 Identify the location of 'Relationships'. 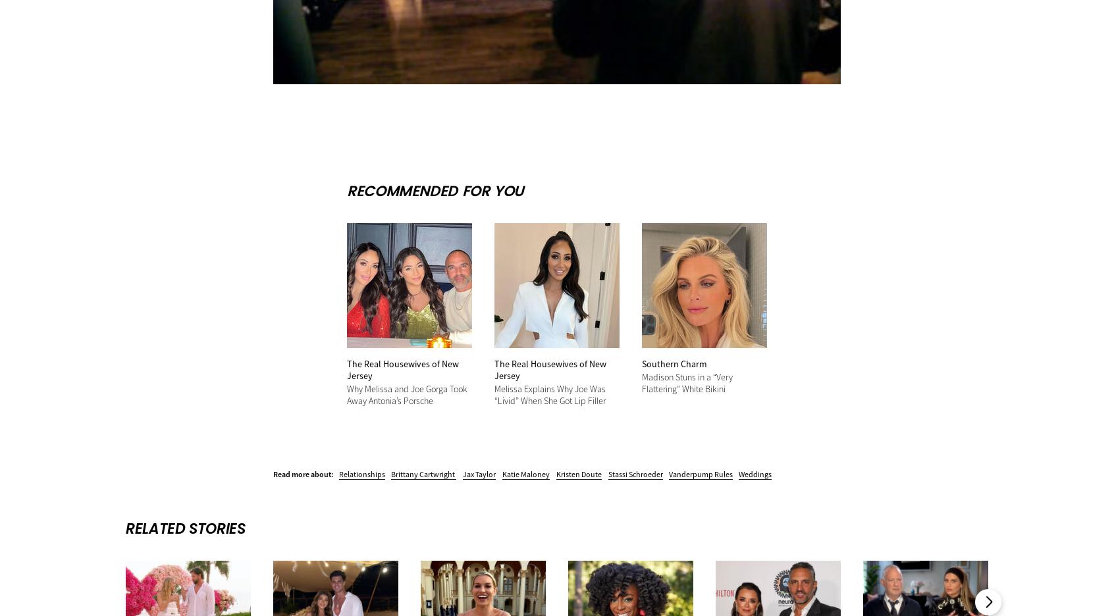
(339, 473).